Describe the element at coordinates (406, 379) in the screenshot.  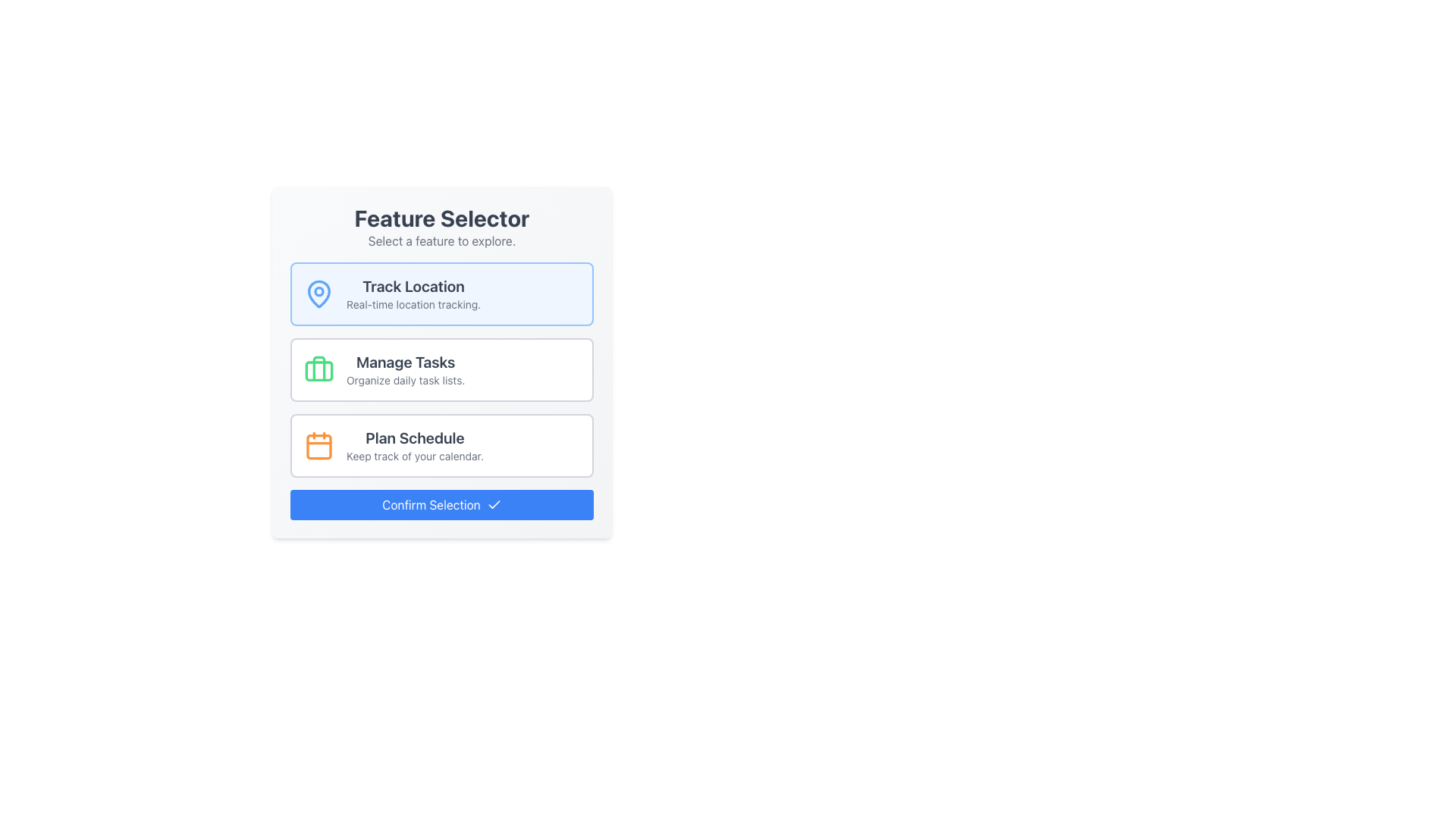
I see `the text label reading 'Organize daily task lists.' which is positioned below the heading 'Manage Tasks'` at that location.